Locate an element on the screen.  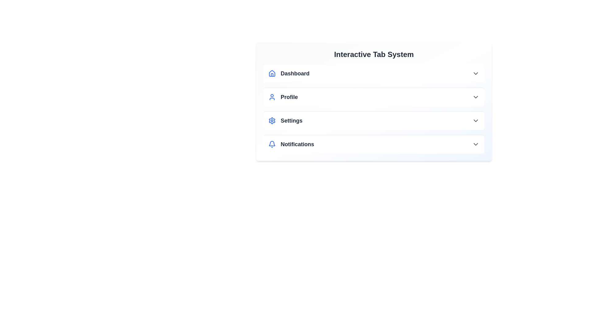
the downward-pointing chevron icon styled with gray color at the end of the 'Profile' row, which signifies a dropdown expansion option is located at coordinates (475, 97).